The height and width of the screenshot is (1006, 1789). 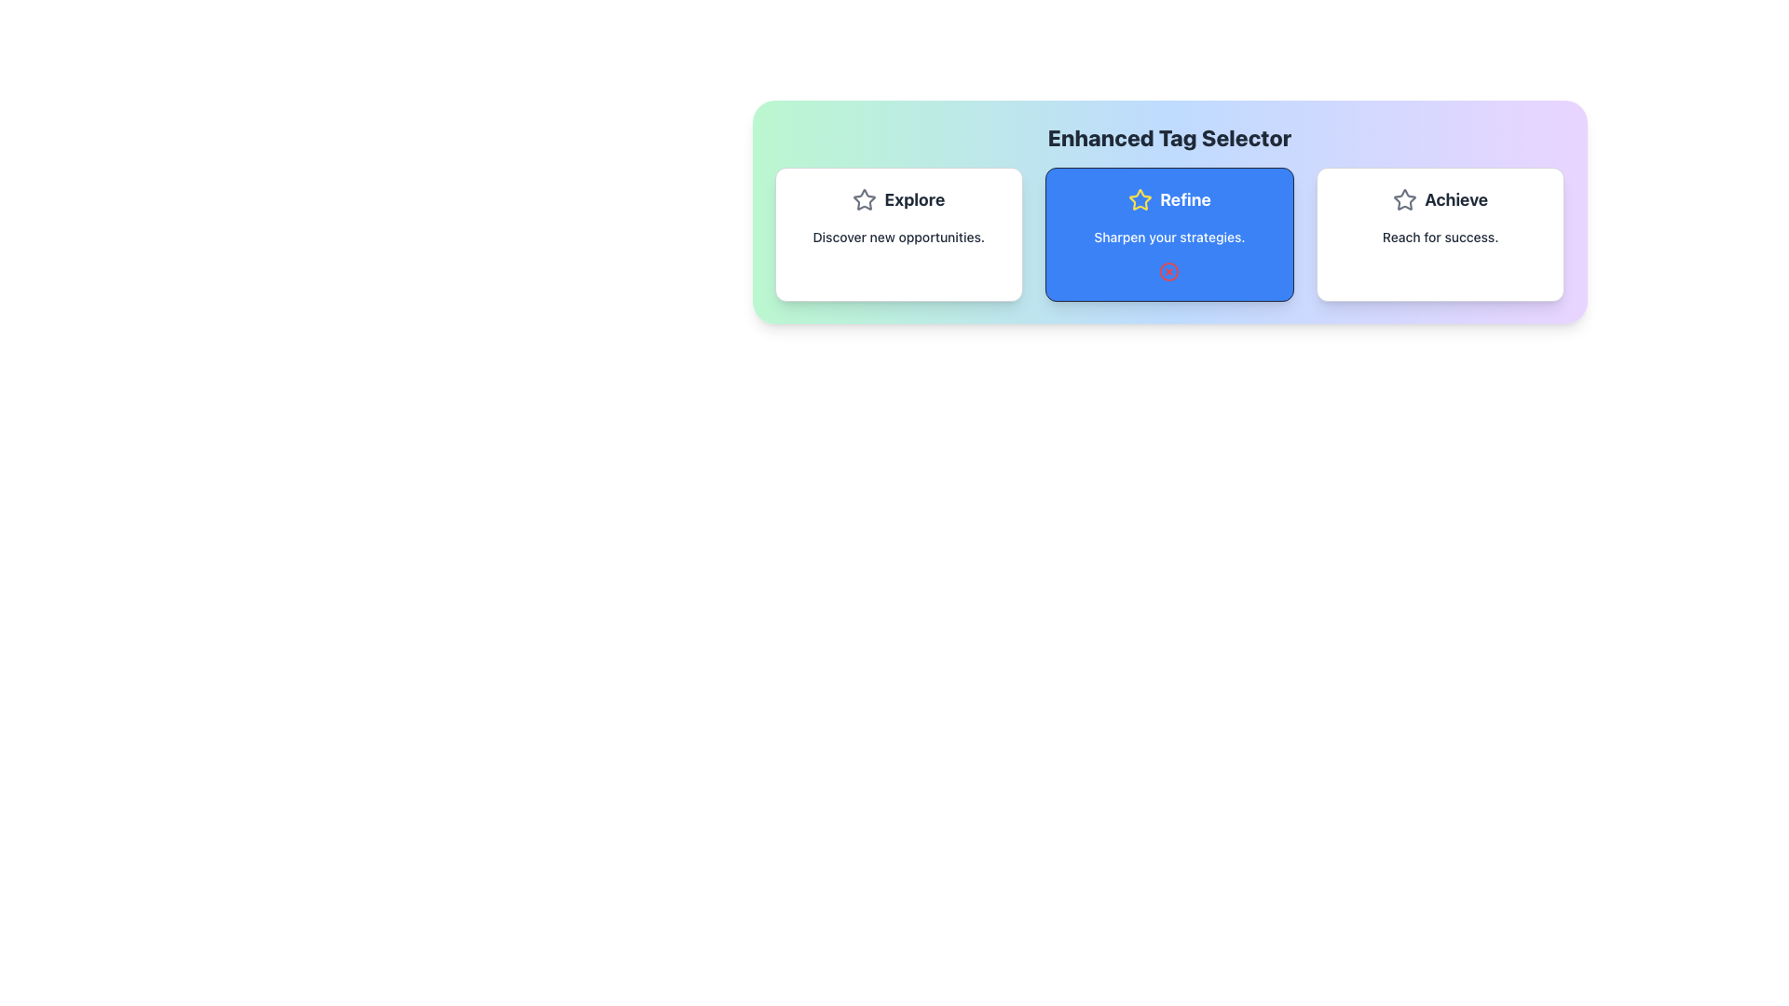 I want to click on the 'Refine' button with a blue background, featuring the text 'Refine' in bold and 'Sharpen your strategies.' below it, positioned centrally between 'Explore' and 'Achieve', so click(x=1168, y=233).